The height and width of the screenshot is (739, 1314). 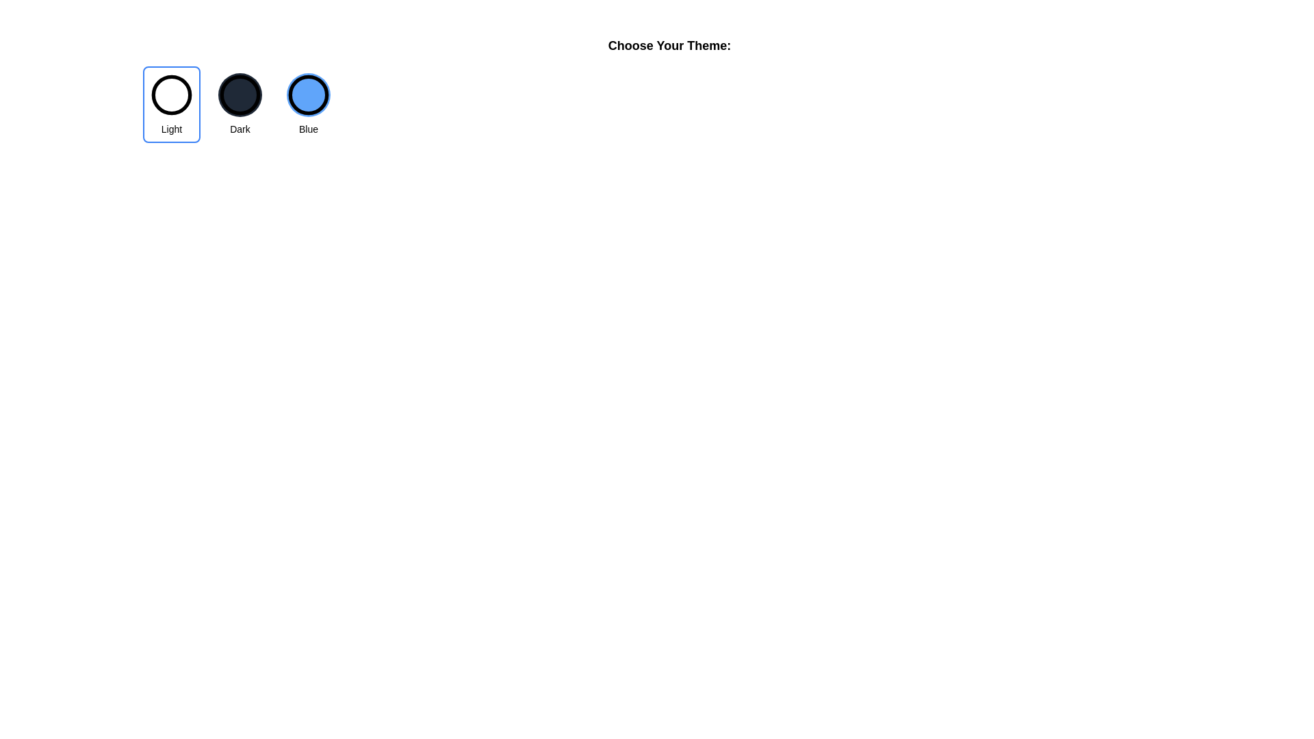 I want to click on the circular option for the 'Dark' theme, which is the second of three circular options at the center top of the interface, so click(x=240, y=94).